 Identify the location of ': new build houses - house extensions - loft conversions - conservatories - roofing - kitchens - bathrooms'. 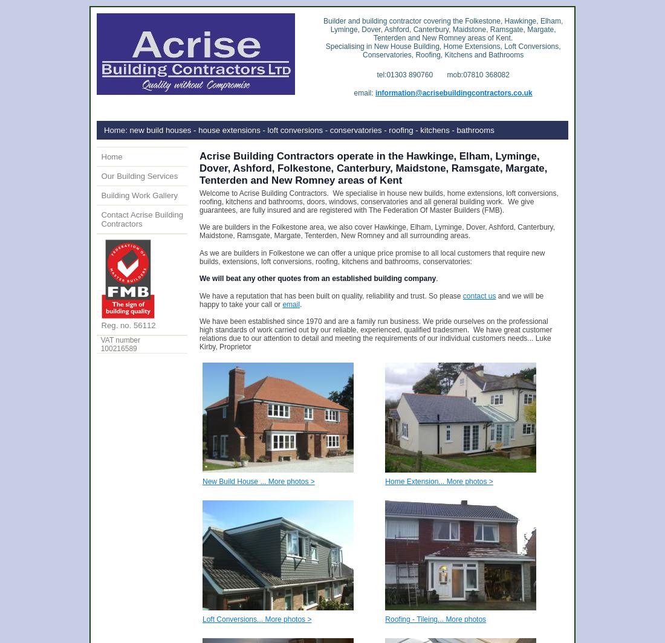
(310, 130).